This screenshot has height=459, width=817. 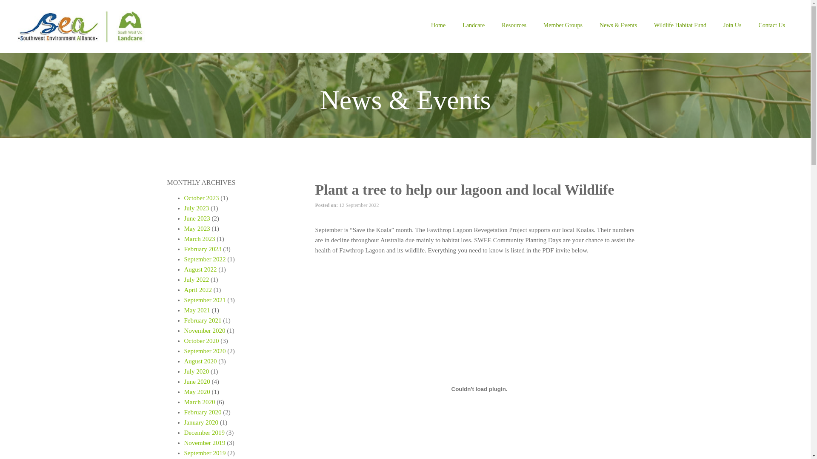 What do you see at coordinates (202, 249) in the screenshot?
I see `'February 2023'` at bounding box center [202, 249].